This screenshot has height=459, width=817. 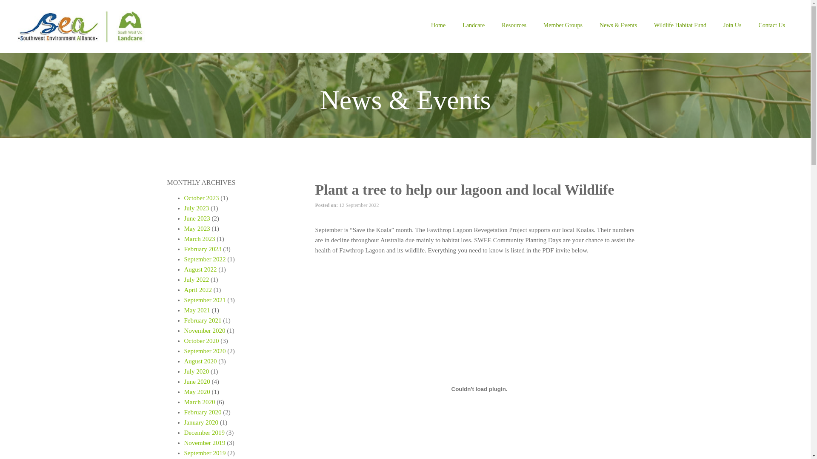 What do you see at coordinates (202, 249) in the screenshot?
I see `'February 2023'` at bounding box center [202, 249].